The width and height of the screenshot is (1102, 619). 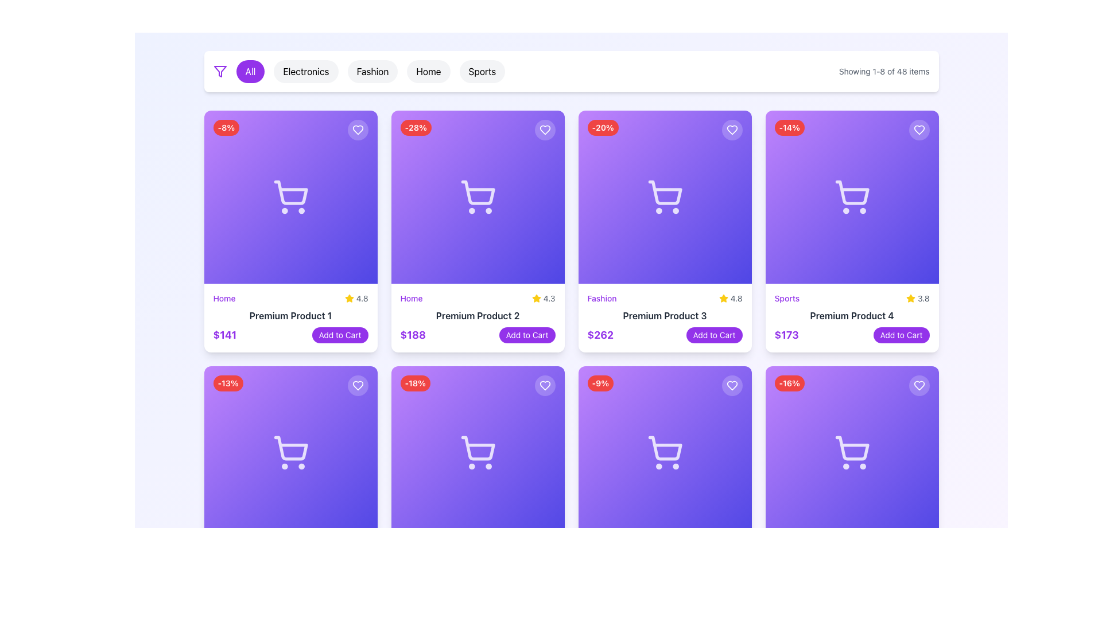 What do you see at coordinates (544, 385) in the screenshot?
I see `the favorite icon button located in the top-right corner of the second product card` at bounding box center [544, 385].